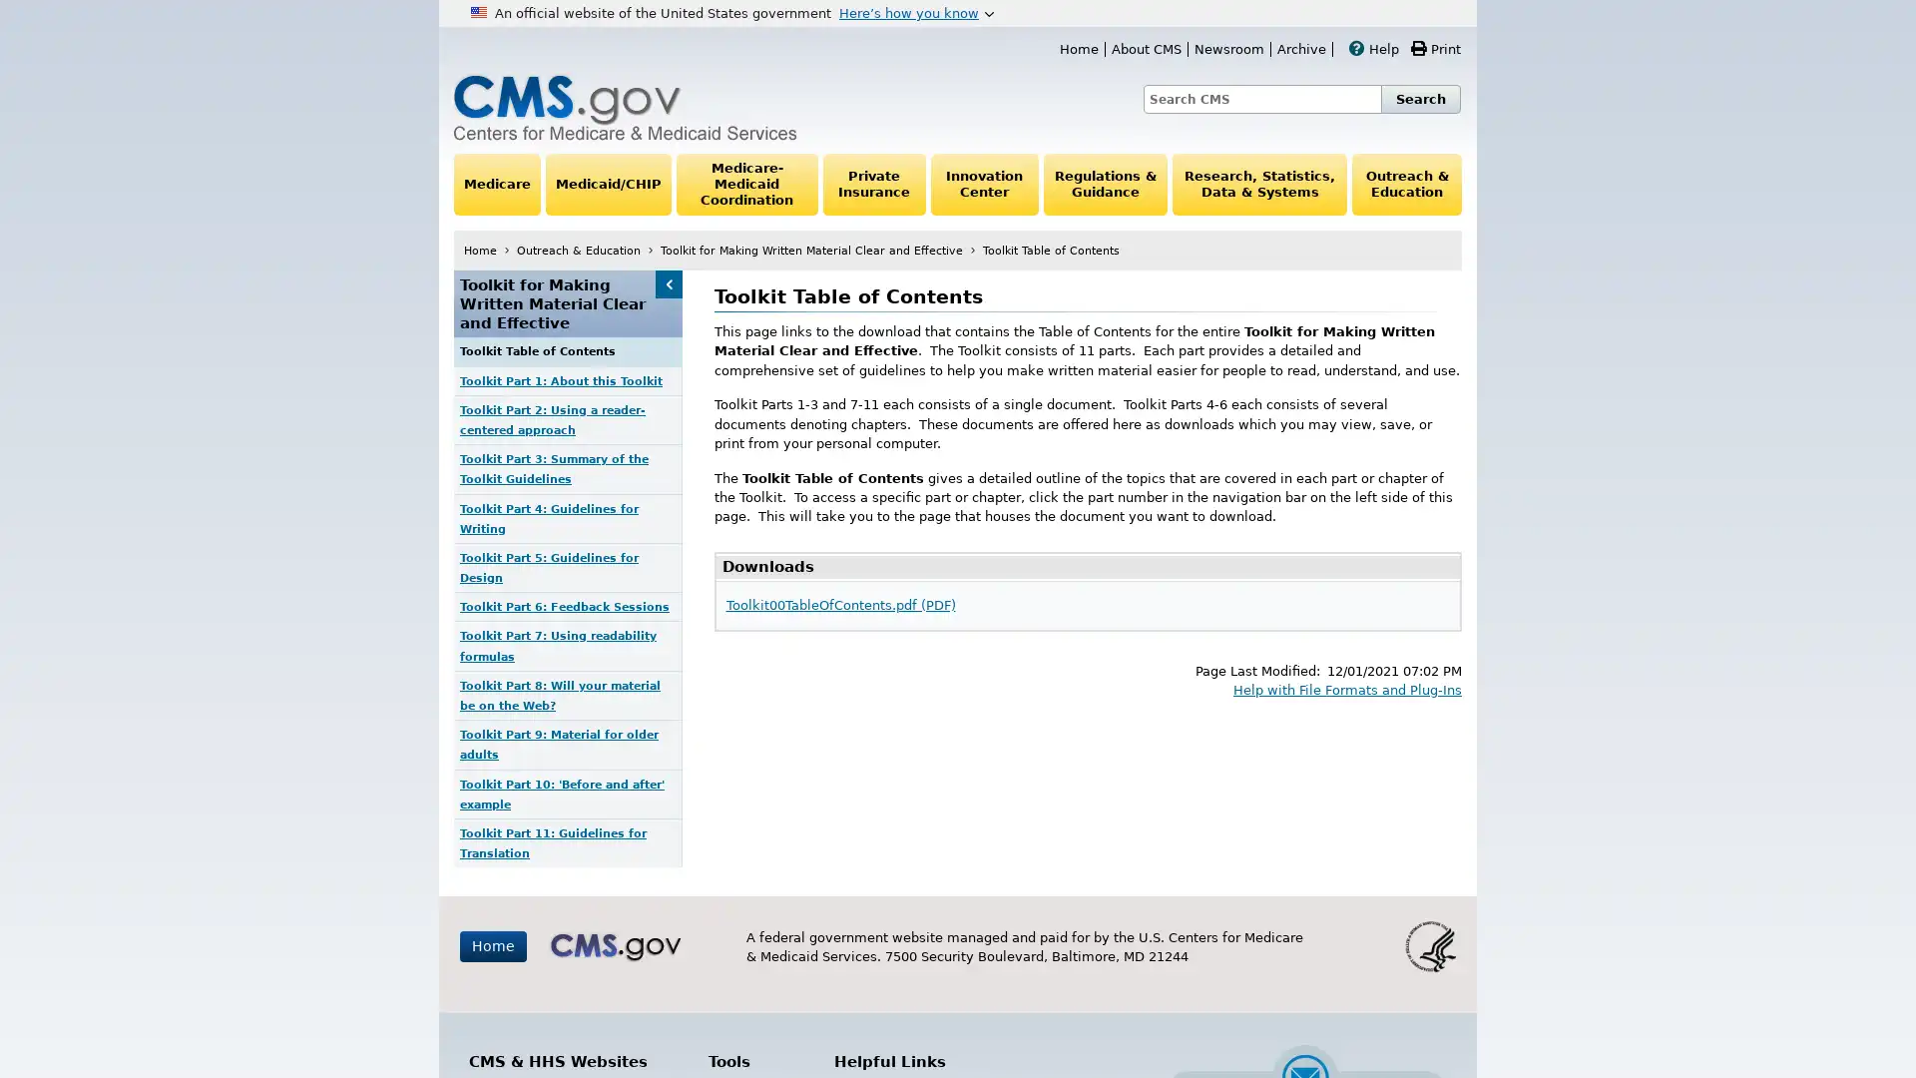 The width and height of the screenshot is (1916, 1078). Describe the element at coordinates (493, 944) in the screenshot. I see `Home` at that location.